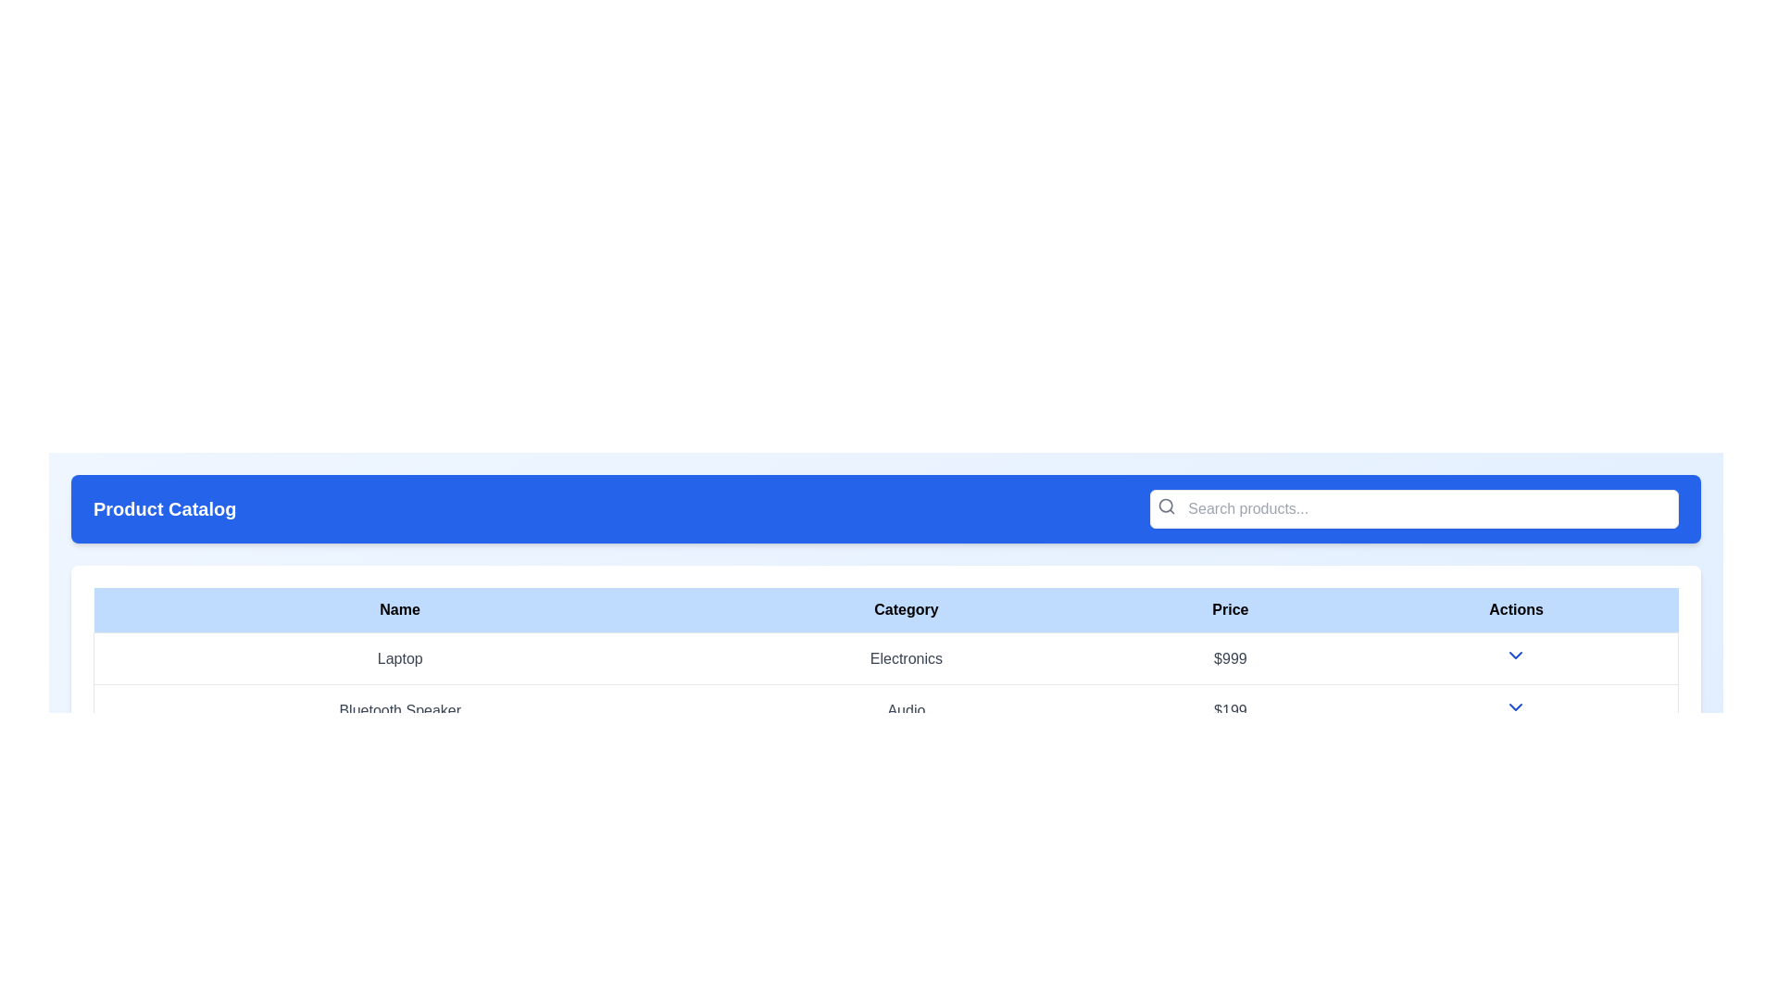  I want to click on the text label displaying 'Electronics' in the 'Category' column, positioned between the 'Name' and 'Price' columns in the first row, so click(906, 657).